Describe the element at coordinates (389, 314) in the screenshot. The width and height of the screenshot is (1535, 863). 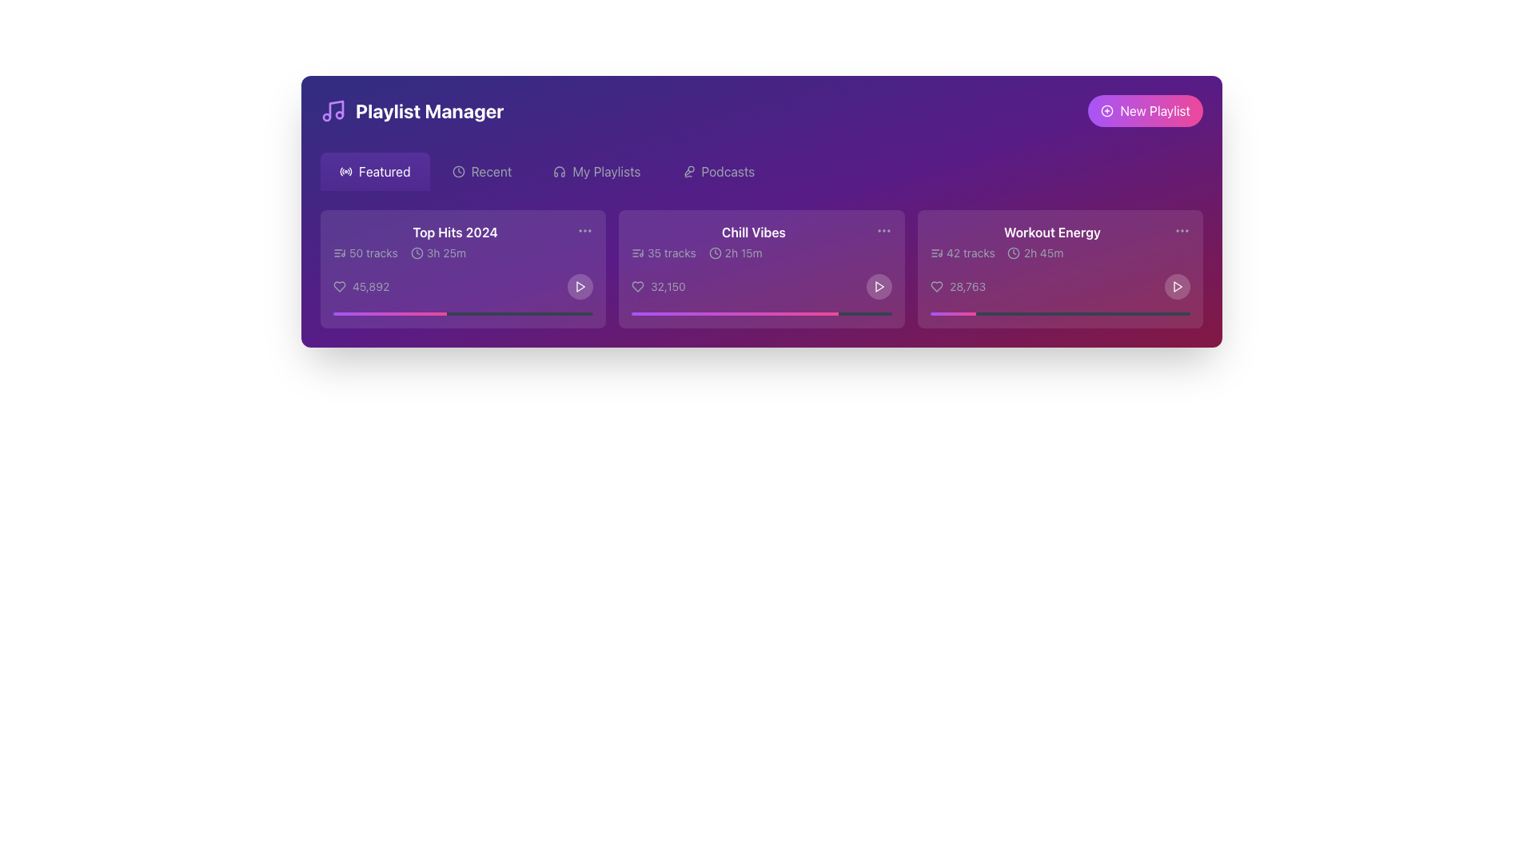
I see `the progress bar segment located near the bottom of the 'Top Hits 2024' section, which visually indicates the progress of a task, filling 43.6% of its width` at that location.